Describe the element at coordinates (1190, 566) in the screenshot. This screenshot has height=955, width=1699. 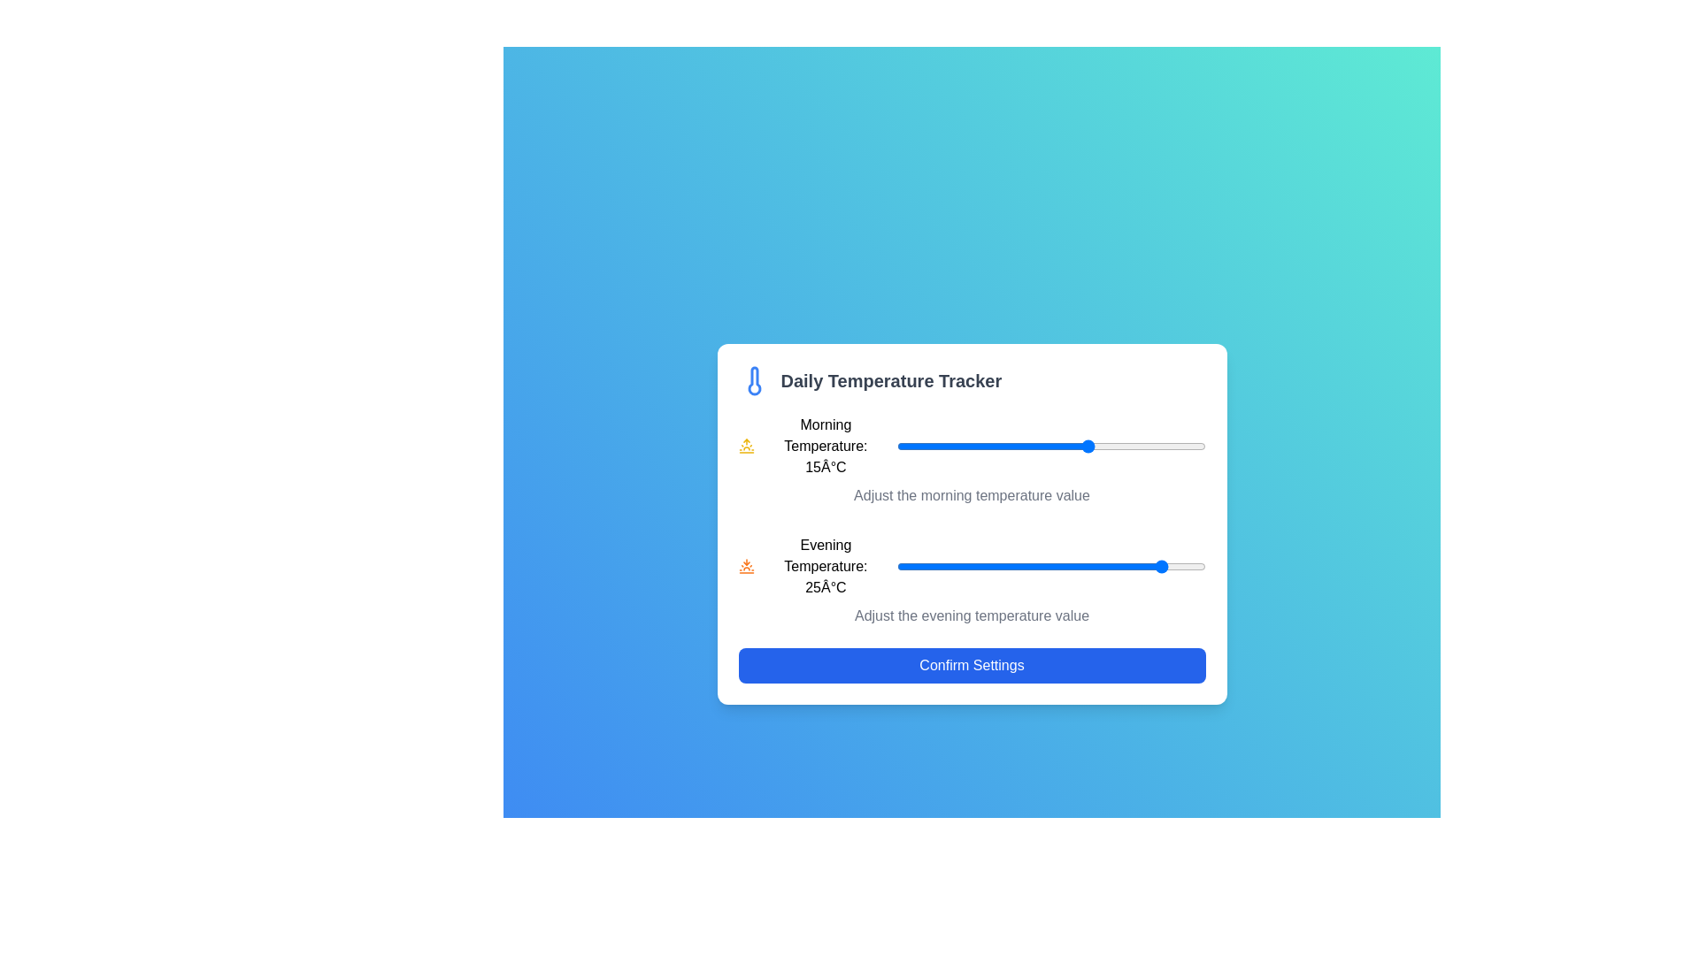
I see `the evening temperature slider to 28°C` at that location.